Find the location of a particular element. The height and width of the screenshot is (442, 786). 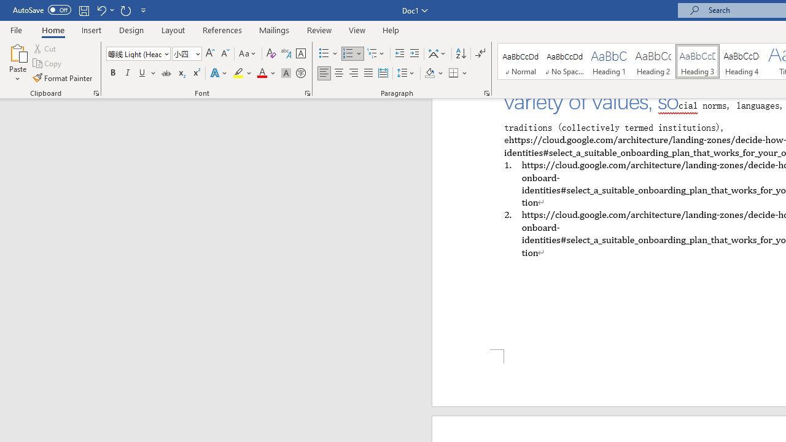

'Align Left' is located at coordinates (324, 73).